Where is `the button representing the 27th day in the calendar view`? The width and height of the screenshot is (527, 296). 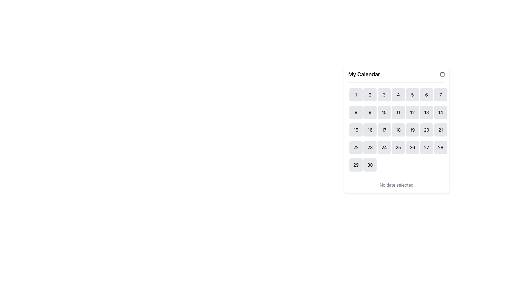 the button representing the 27th day in the calendar view is located at coordinates (426, 147).